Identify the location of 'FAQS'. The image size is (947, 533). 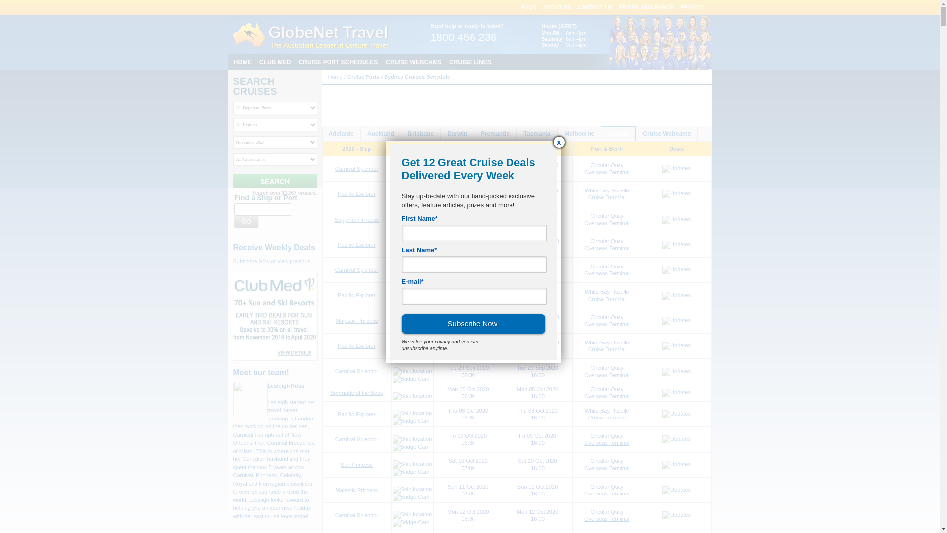
(528, 7).